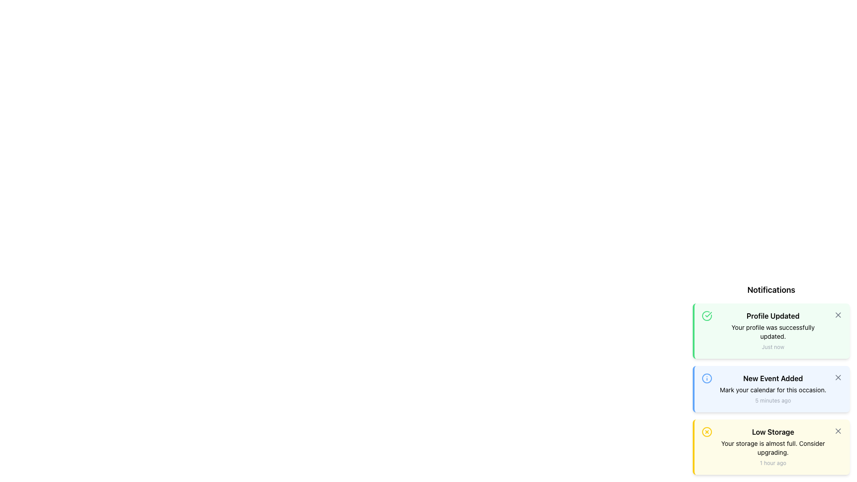 This screenshot has height=482, width=857. Describe the element at coordinates (708, 314) in the screenshot. I see `the checkmark icon located at the top-left corner of the 'Profile Updated' notification card, indicating a successful operation` at that location.